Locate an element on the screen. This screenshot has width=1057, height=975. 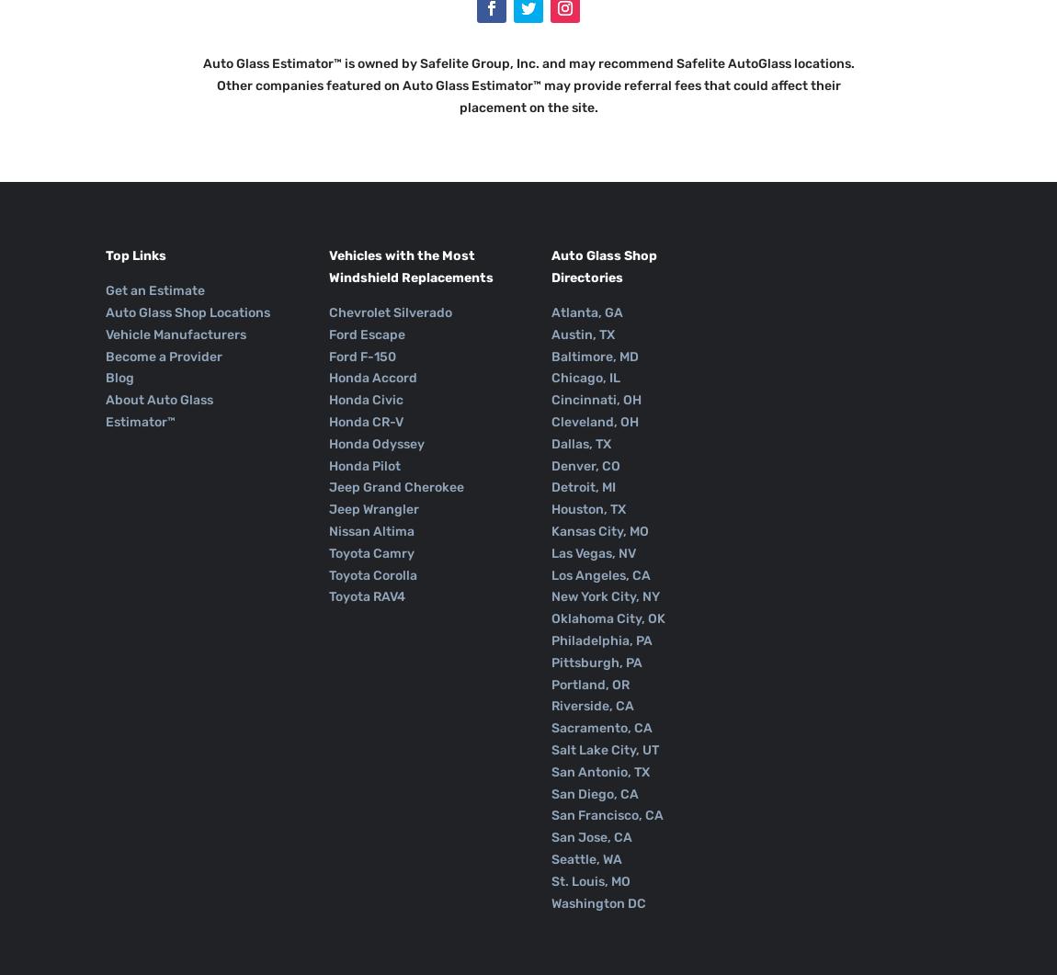
'Houston, TX' is located at coordinates (587, 508).